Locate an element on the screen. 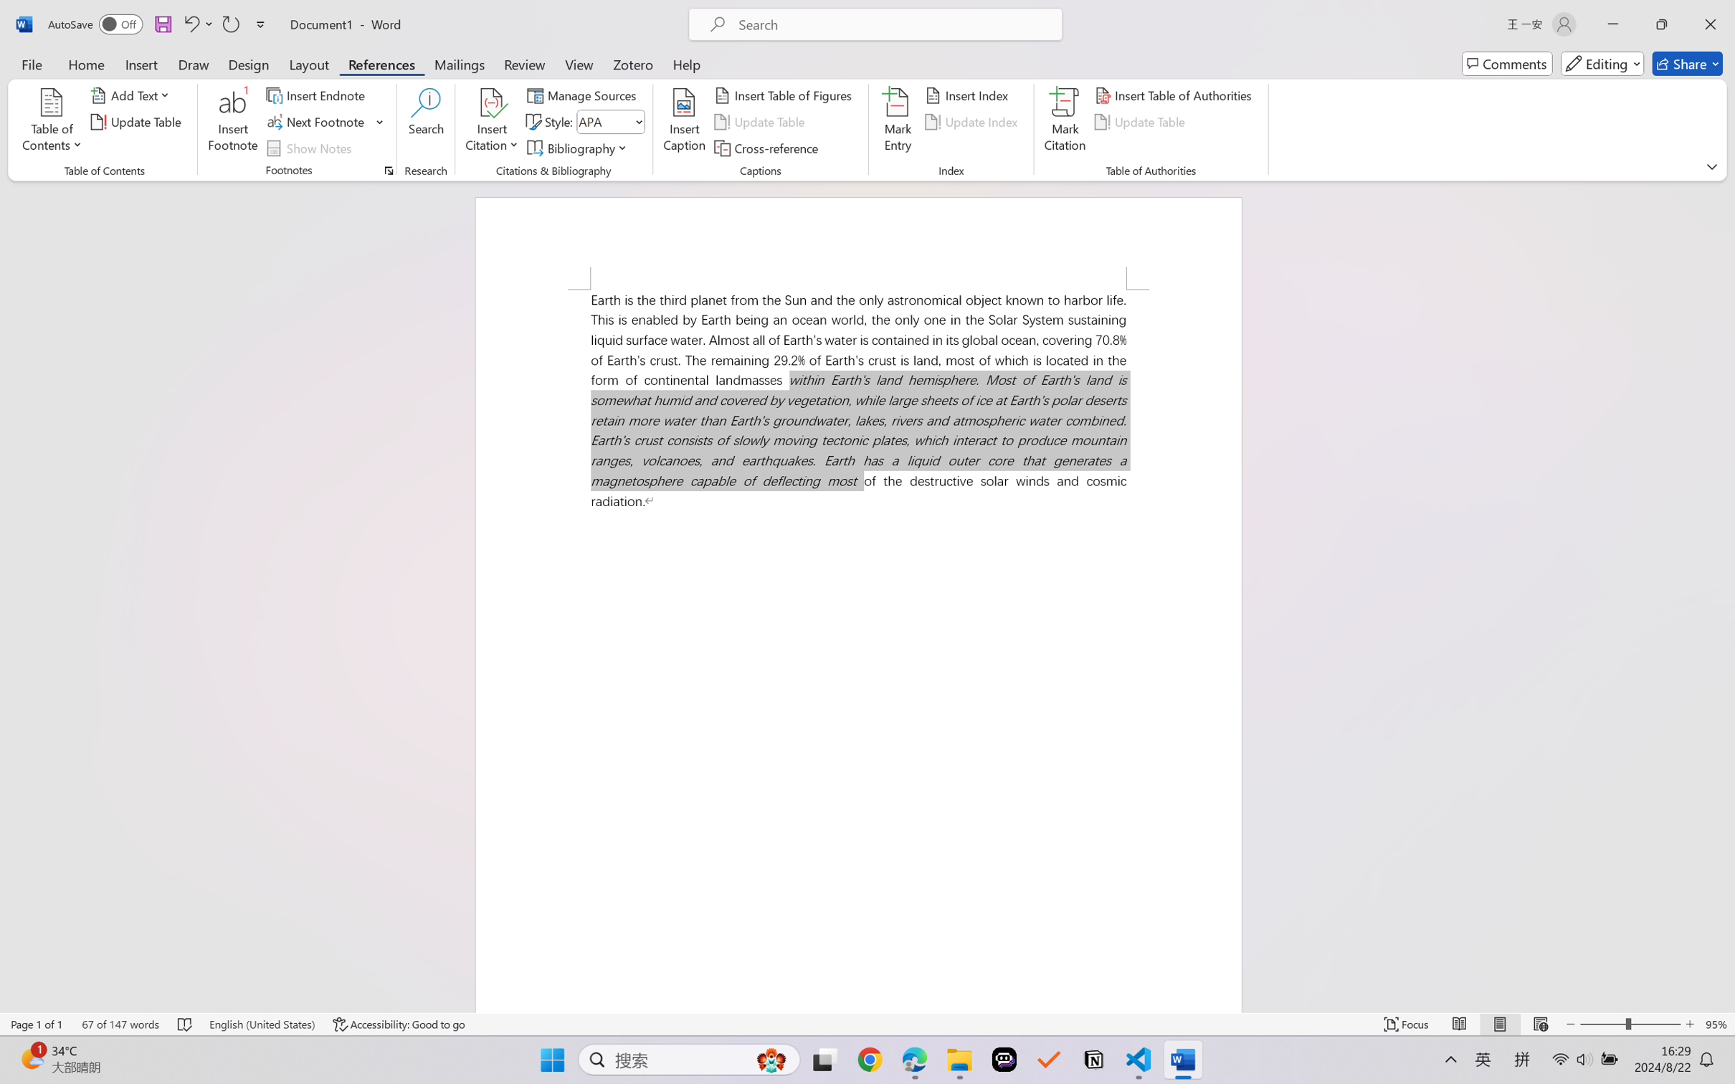 This screenshot has height=1084, width=1735. 'Page Number Page 1 of 1' is located at coordinates (37, 1024).